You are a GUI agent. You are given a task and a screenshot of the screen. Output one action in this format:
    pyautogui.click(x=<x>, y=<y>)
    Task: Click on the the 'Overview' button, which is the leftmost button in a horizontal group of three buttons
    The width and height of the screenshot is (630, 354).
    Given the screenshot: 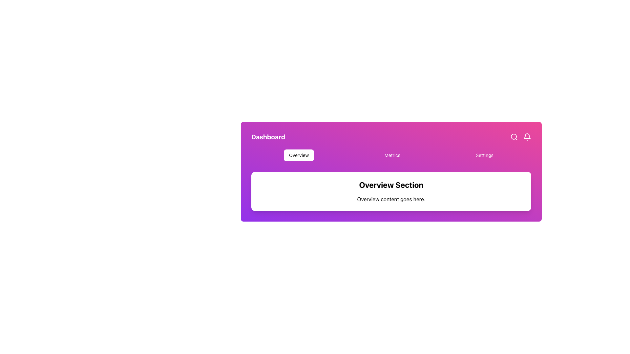 What is the action you would take?
    pyautogui.click(x=299, y=155)
    